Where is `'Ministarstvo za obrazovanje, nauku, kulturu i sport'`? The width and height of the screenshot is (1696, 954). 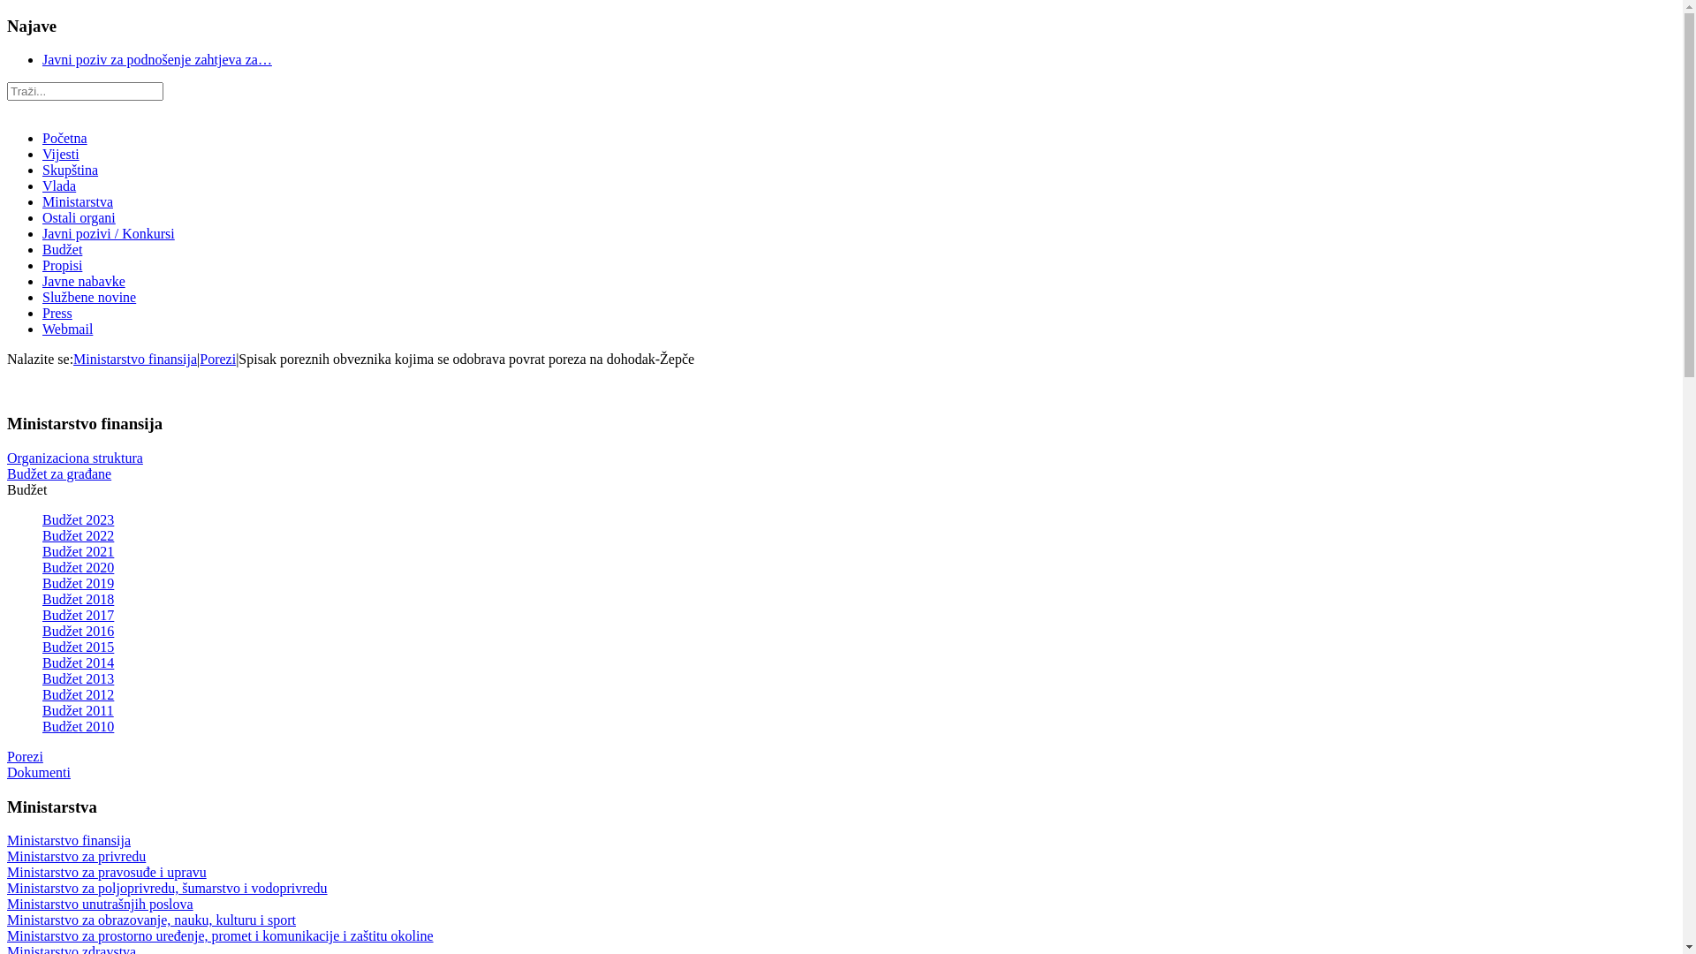
'Ministarstvo za obrazovanje, nauku, kulturu i sport' is located at coordinates (151, 919).